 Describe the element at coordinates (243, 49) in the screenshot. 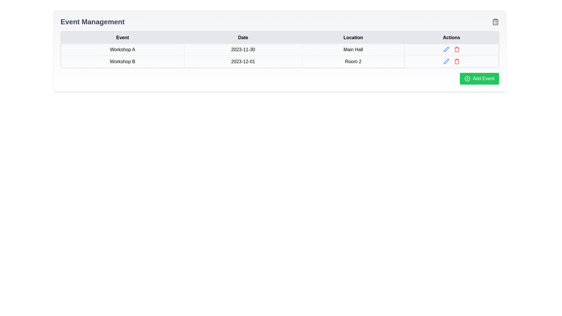

I see `the text element displaying the date for 'Workshop A' in the second column of the table under the 'Date' header` at that location.